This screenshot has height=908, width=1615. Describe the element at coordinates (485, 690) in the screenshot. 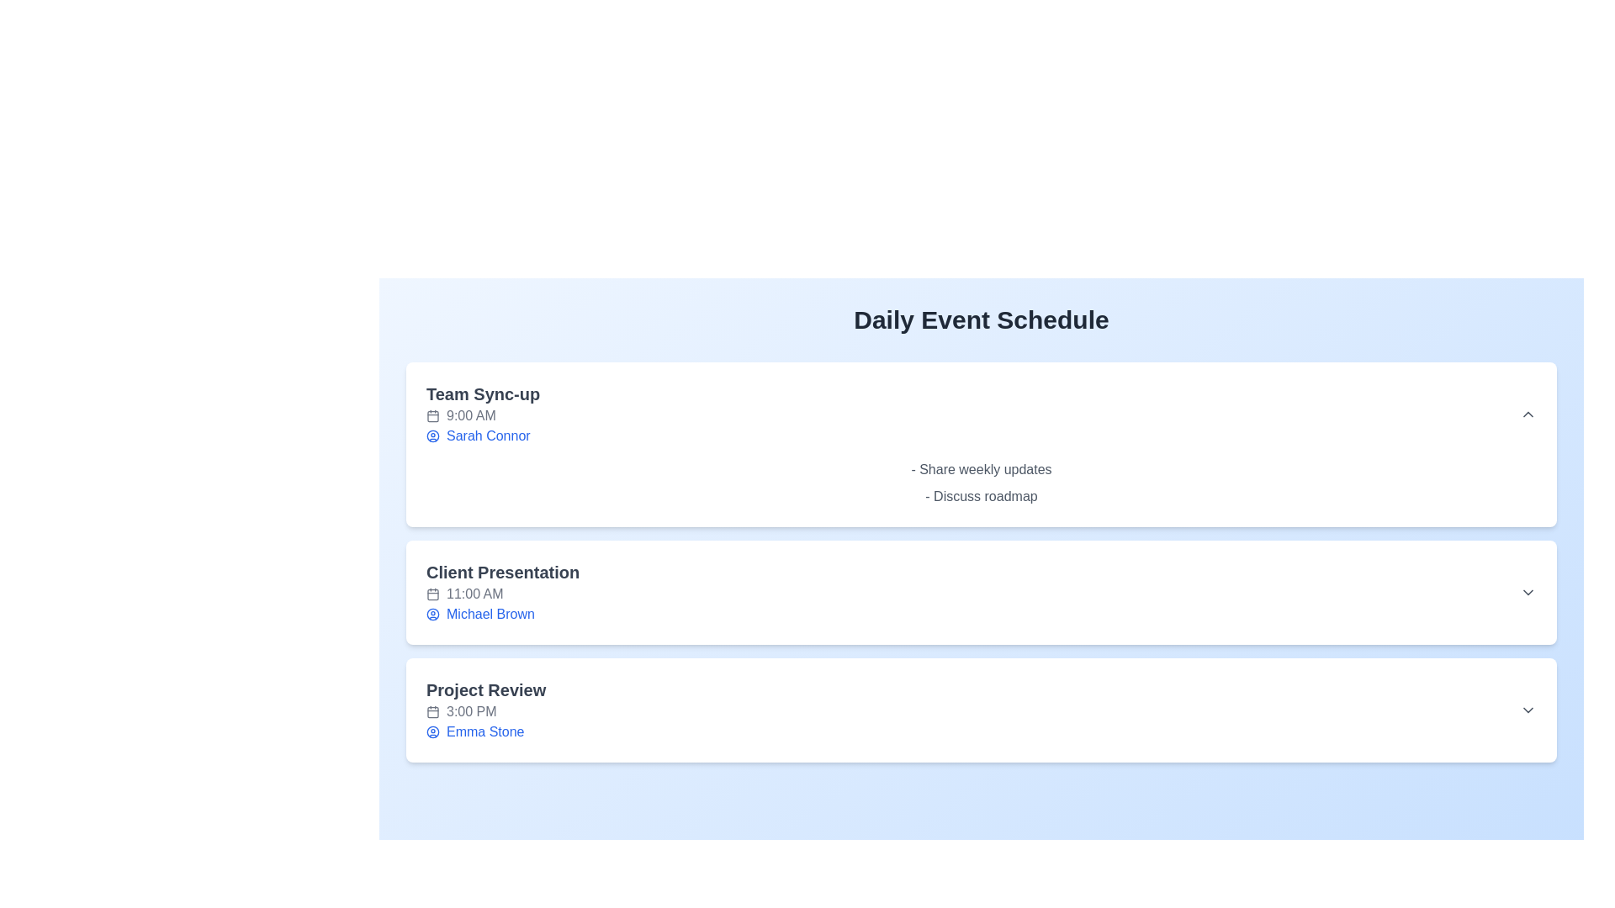

I see `the text label 'Project Review' which is prominently displayed at the top of a schedule item card` at that location.